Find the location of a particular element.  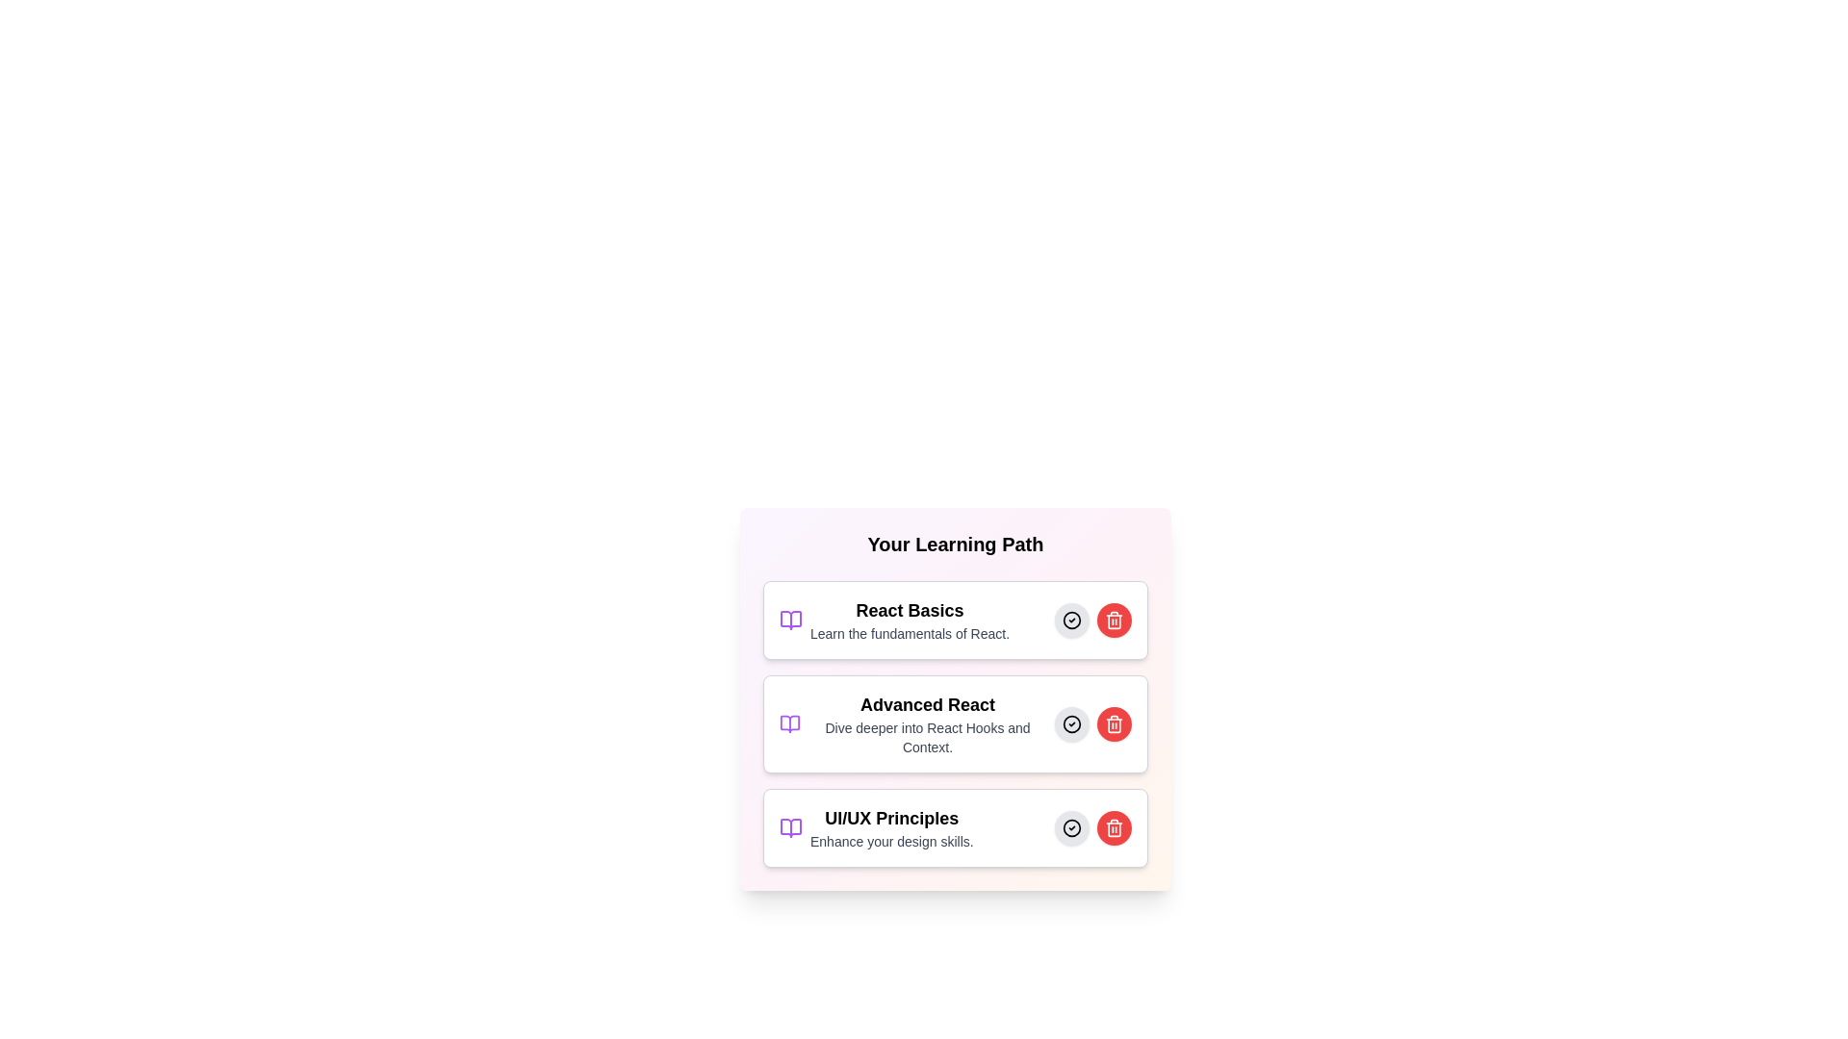

the select button for the React Basics learning path is located at coordinates (1070, 620).